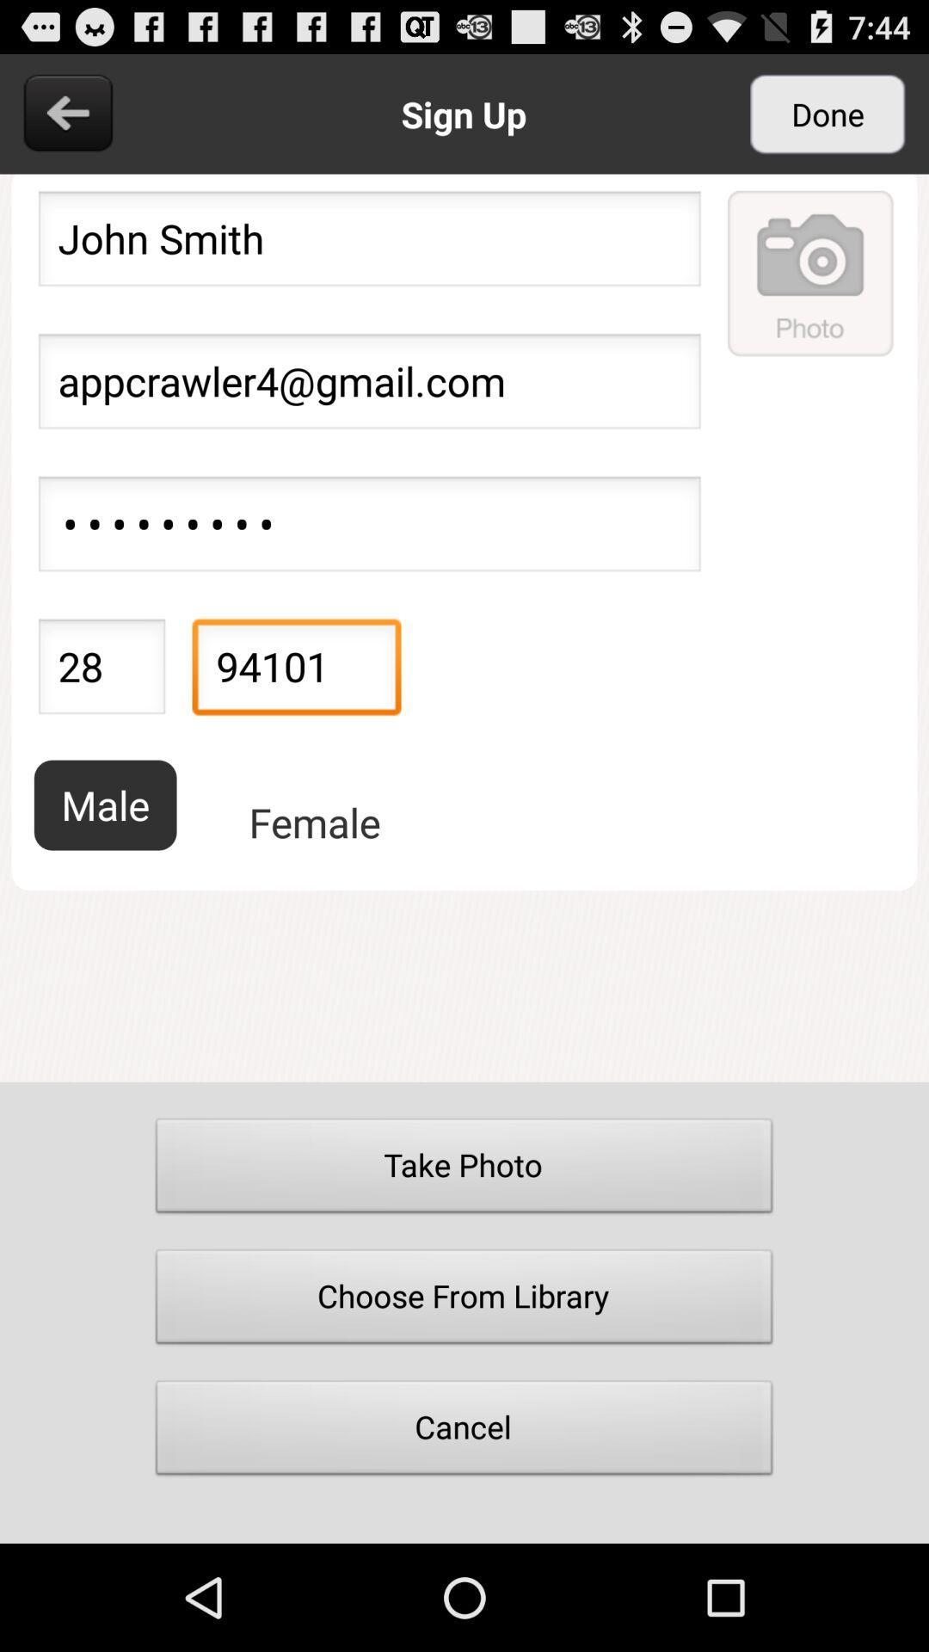  I want to click on a photo, so click(811, 272).